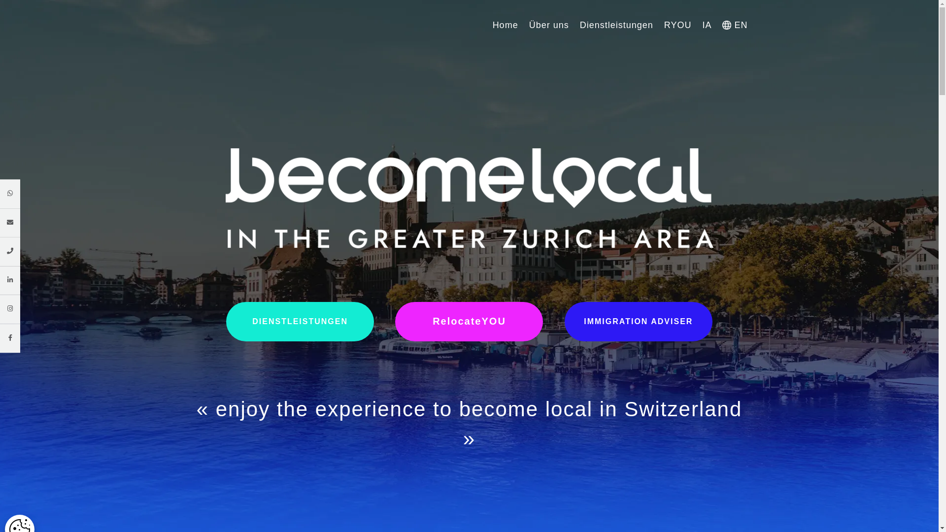 Image resolution: width=946 pixels, height=532 pixels. Describe the element at coordinates (706, 24) in the screenshot. I see `'IA'` at that location.